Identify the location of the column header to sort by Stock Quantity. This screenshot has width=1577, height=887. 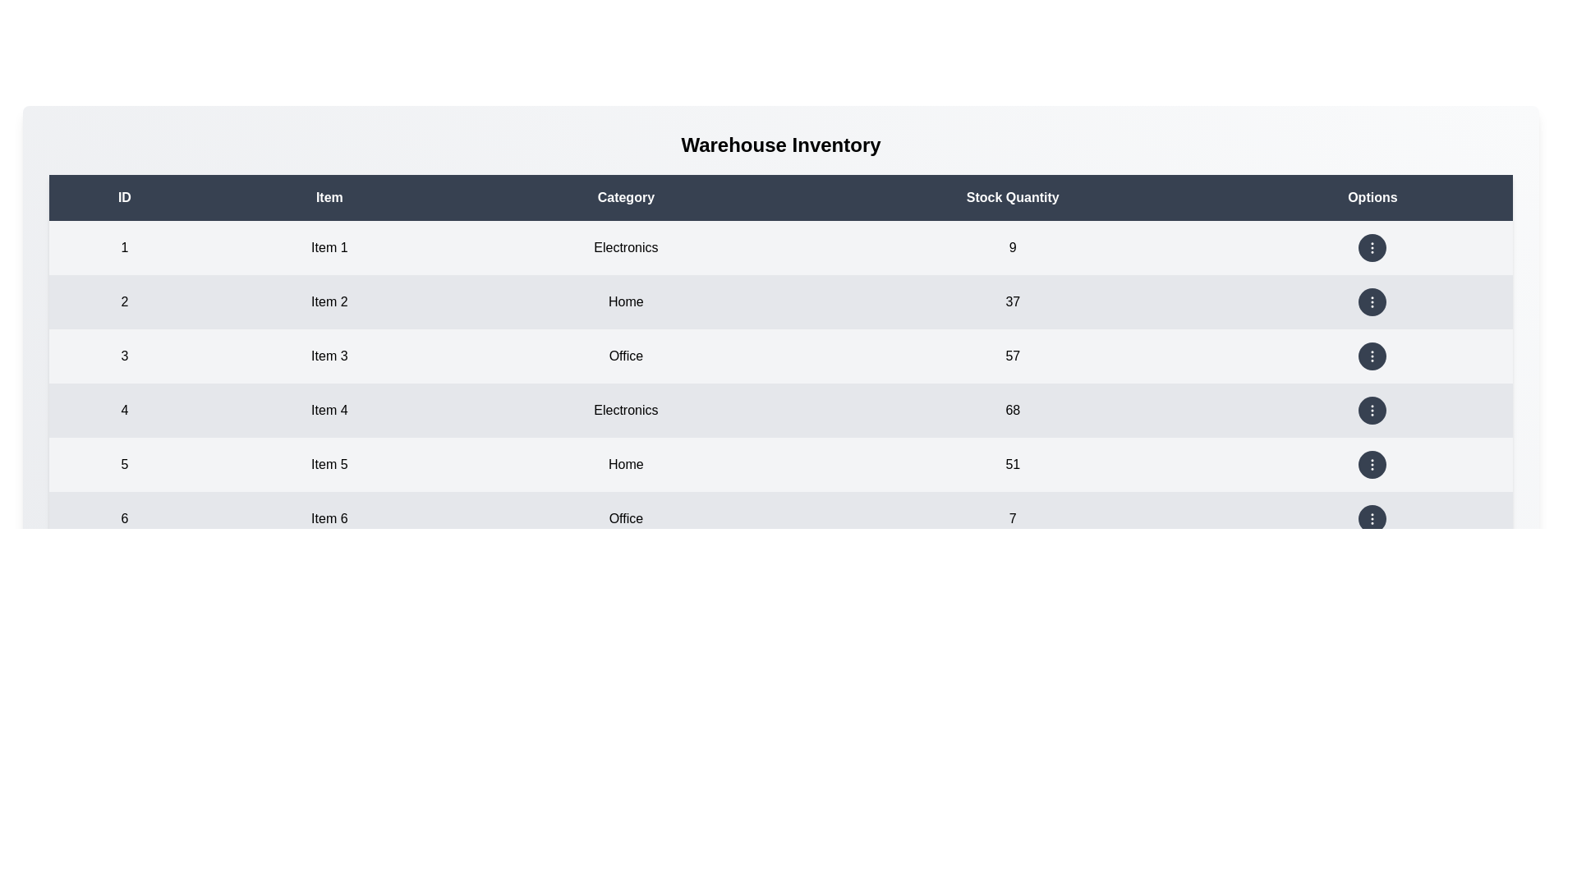
(1012, 196).